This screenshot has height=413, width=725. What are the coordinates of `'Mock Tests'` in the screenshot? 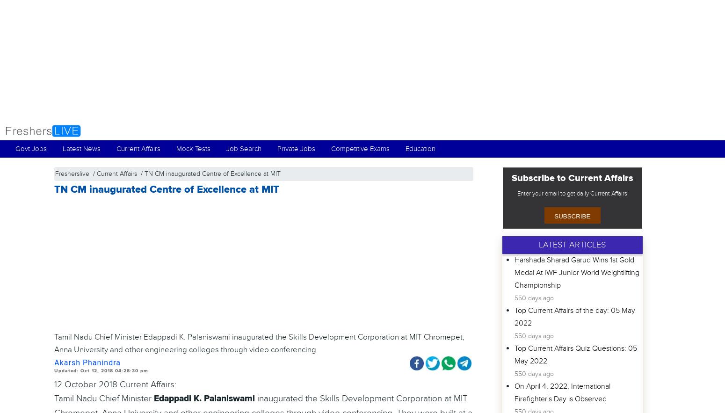 It's located at (193, 148).